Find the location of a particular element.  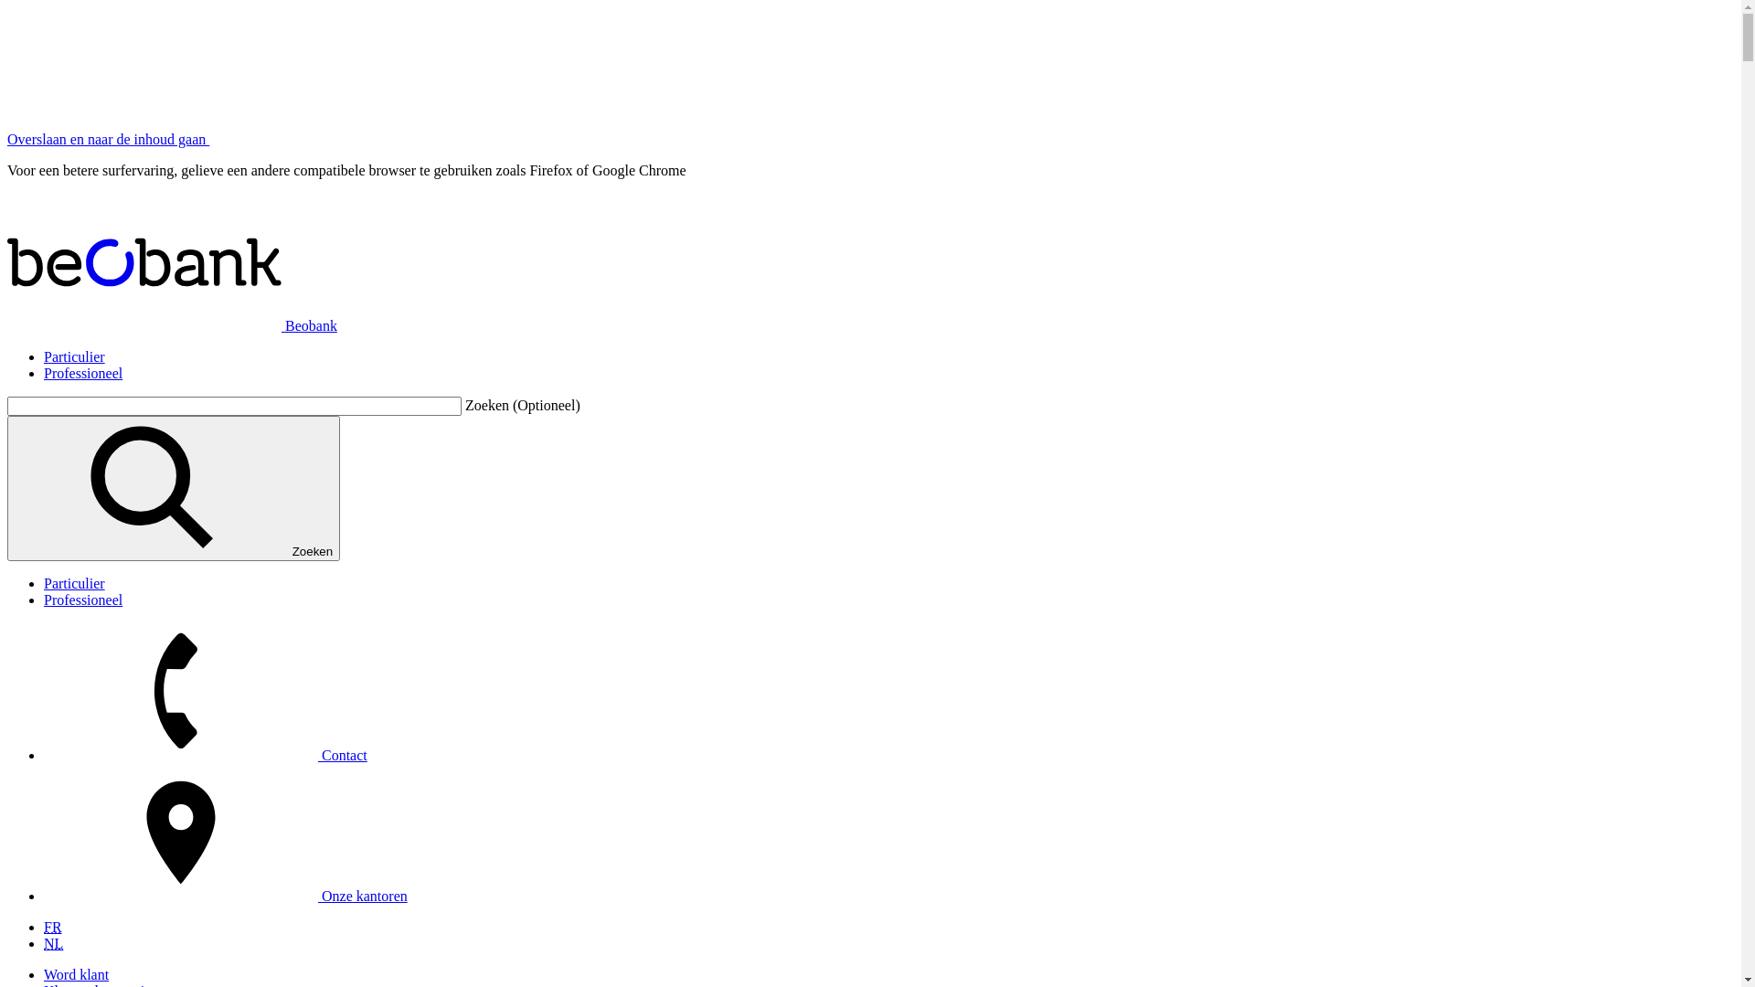

'Zoeken' is located at coordinates (174, 487).